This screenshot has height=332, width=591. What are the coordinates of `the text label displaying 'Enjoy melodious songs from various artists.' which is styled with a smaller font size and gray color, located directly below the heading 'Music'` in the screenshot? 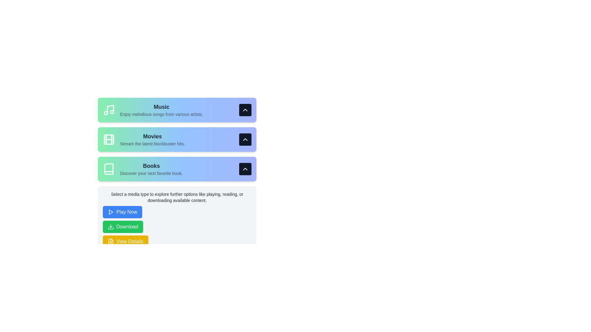 It's located at (161, 114).